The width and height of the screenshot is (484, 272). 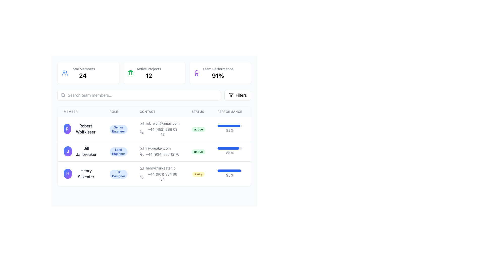 I want to click on the phone contact information Text Label located in the 'Contact' column of the second row in the table, directly below the email address, so click(x=159, y=154).